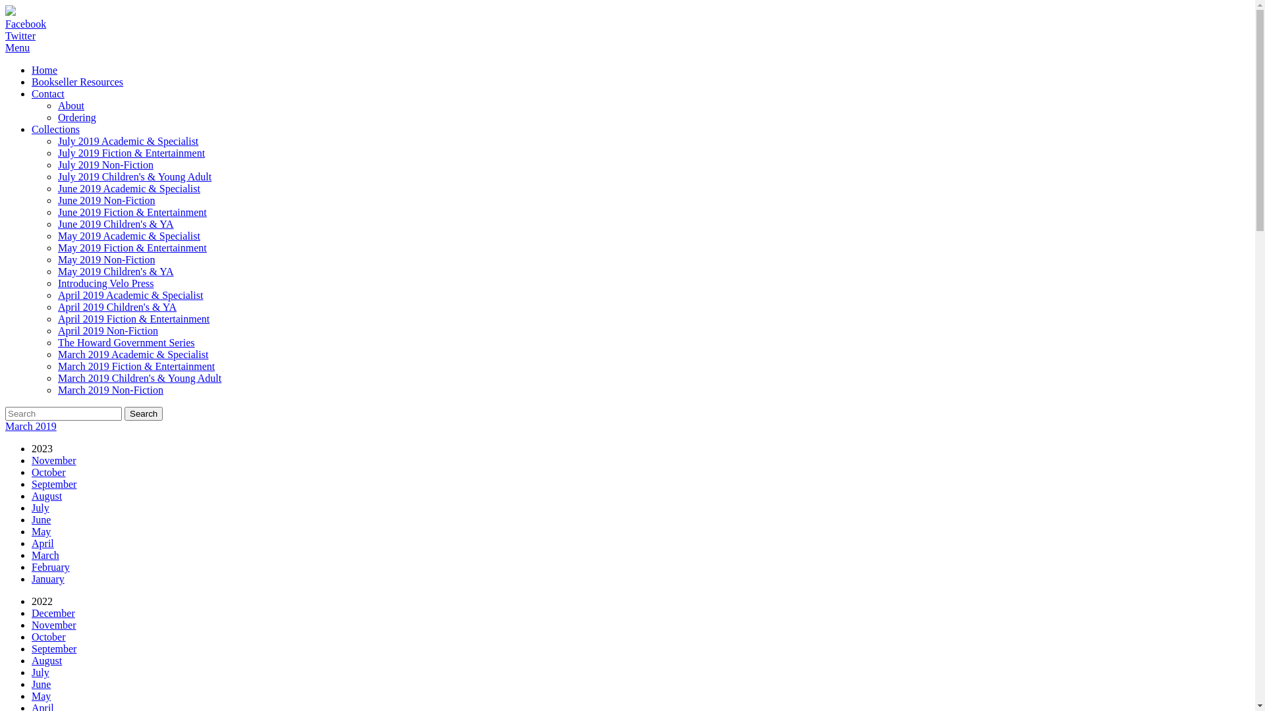  What do you see at coordinates (116, 223) in the screenshot?
I see `'June 2019 Children's & YA'` at bounding box center [116, 223].